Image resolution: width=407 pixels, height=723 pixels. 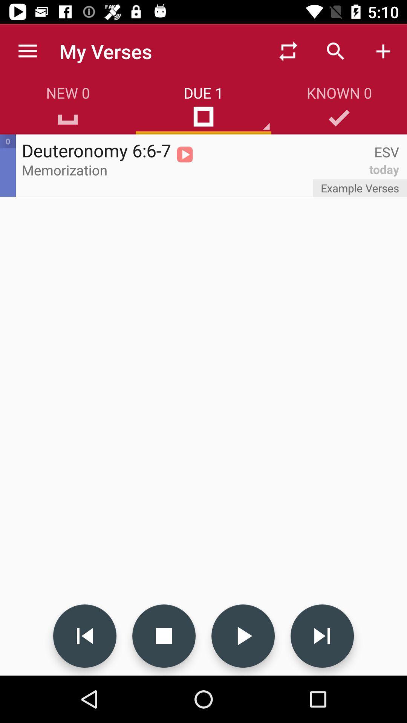 What do you see at coordinates (27, 51) in the screenshot?
I see `icon above new 0 icon` at bounding box center [27, 51].